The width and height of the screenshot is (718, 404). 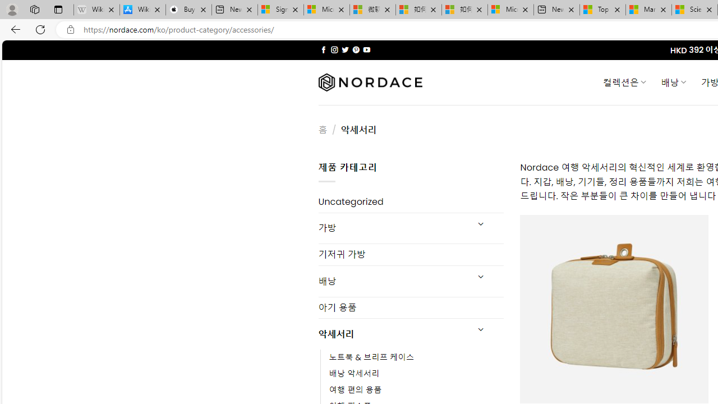 I want to click on 'Follow on YouTube', so click(x=366, y=49).